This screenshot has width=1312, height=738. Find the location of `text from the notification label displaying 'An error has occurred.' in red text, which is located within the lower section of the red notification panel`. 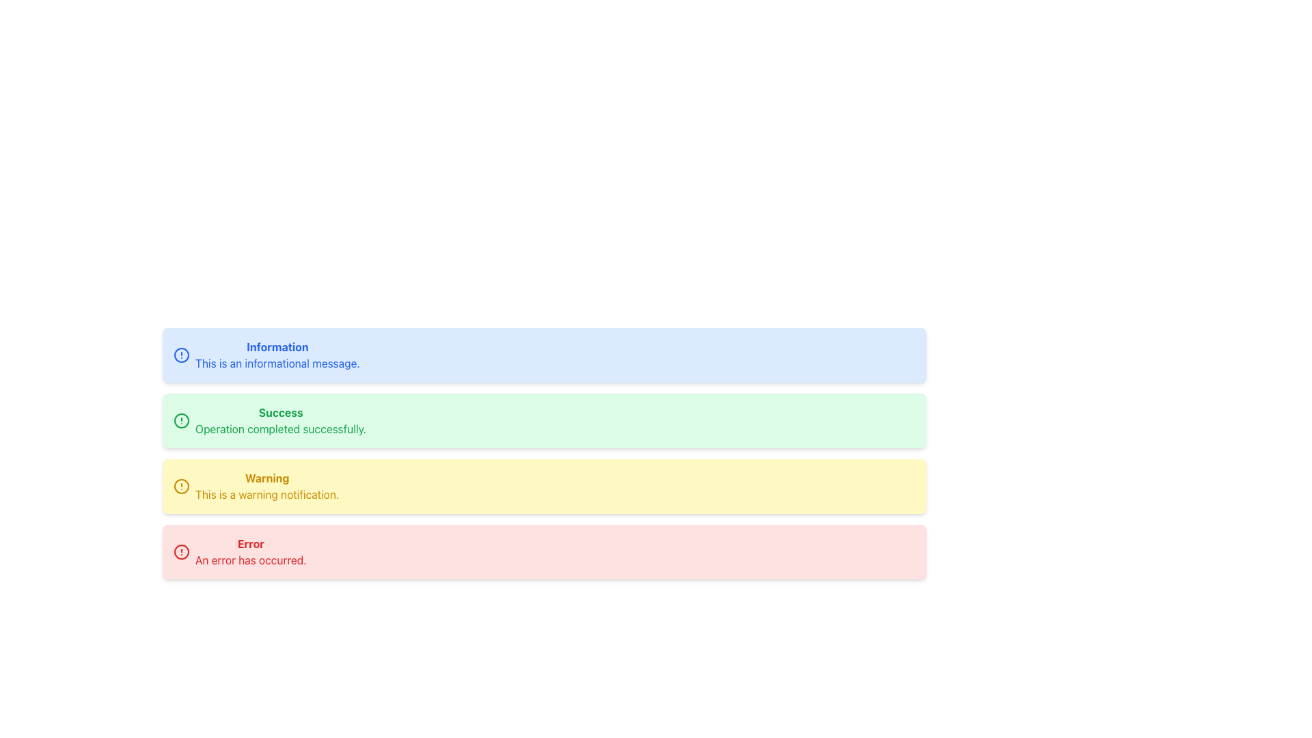

text from the notification label displaying 'An error has occurred.' in red text, which is located within the lower section of the red notification panel is located at coordinates (251, 560).